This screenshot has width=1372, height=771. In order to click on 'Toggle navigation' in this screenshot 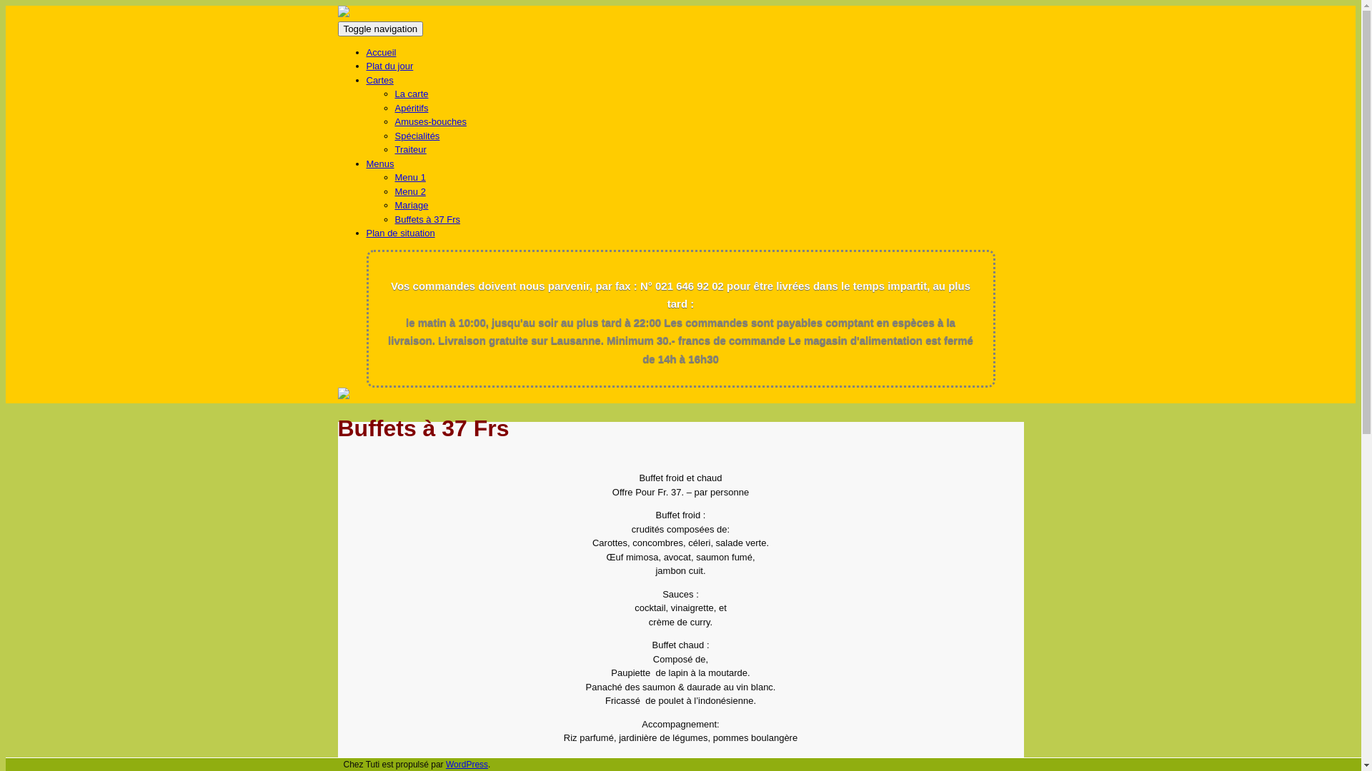, I will do `click(336, 29)`.